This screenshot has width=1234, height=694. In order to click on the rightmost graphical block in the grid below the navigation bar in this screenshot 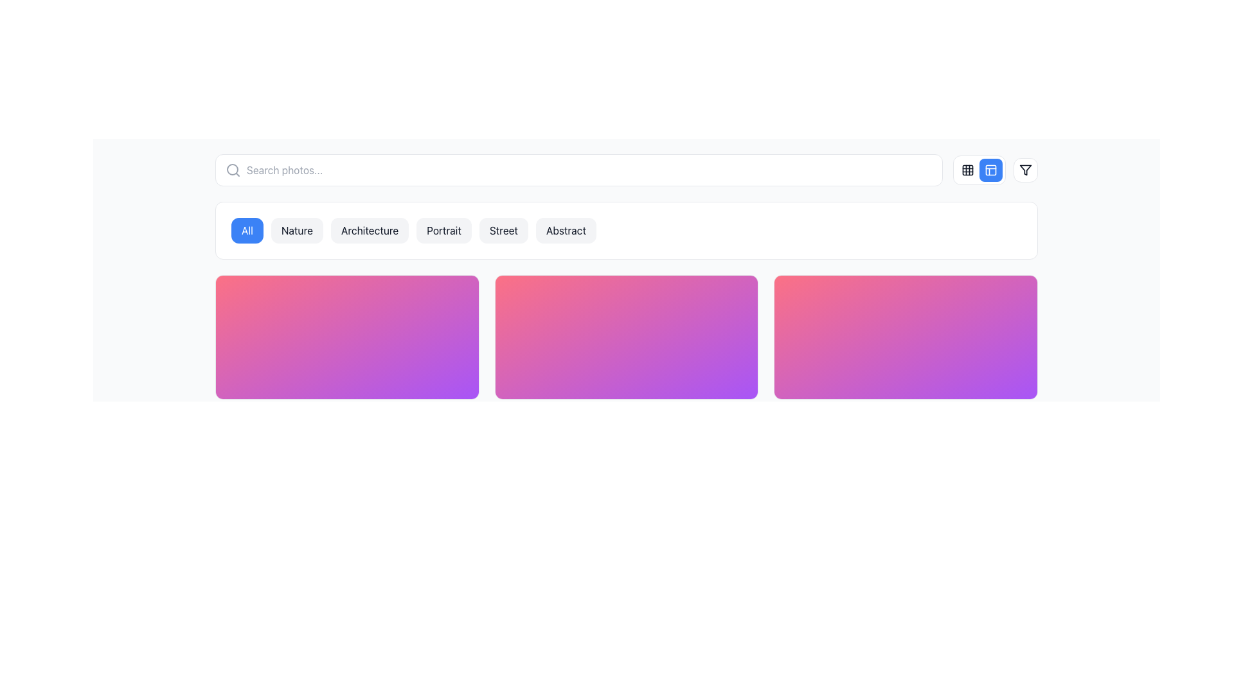, I will do `click(905, 336)`.